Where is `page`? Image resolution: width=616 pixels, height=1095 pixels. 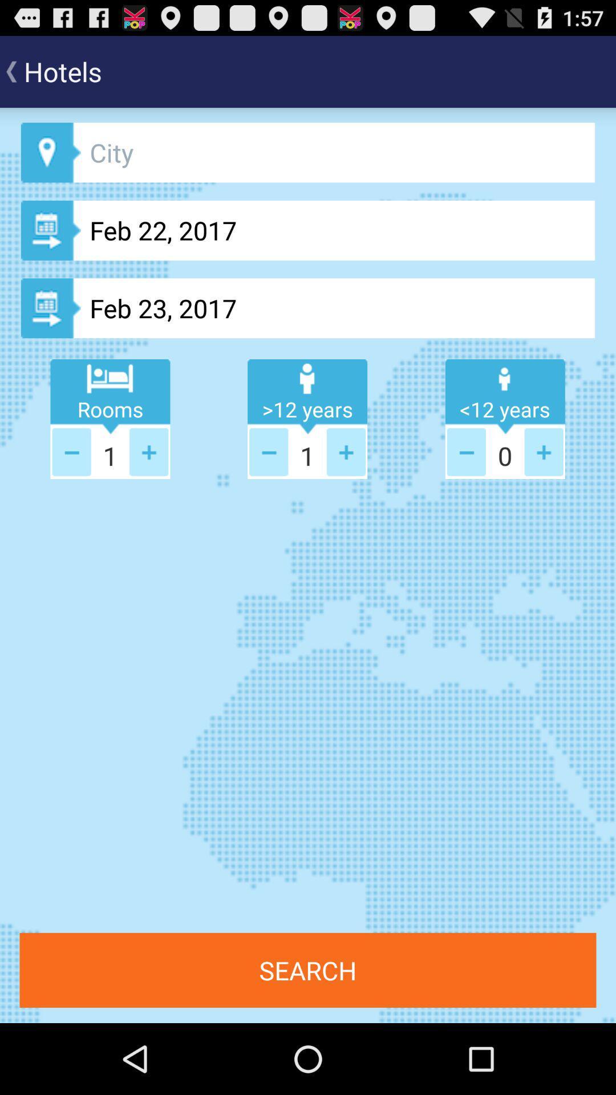 page is located at coordinates (466, 451).